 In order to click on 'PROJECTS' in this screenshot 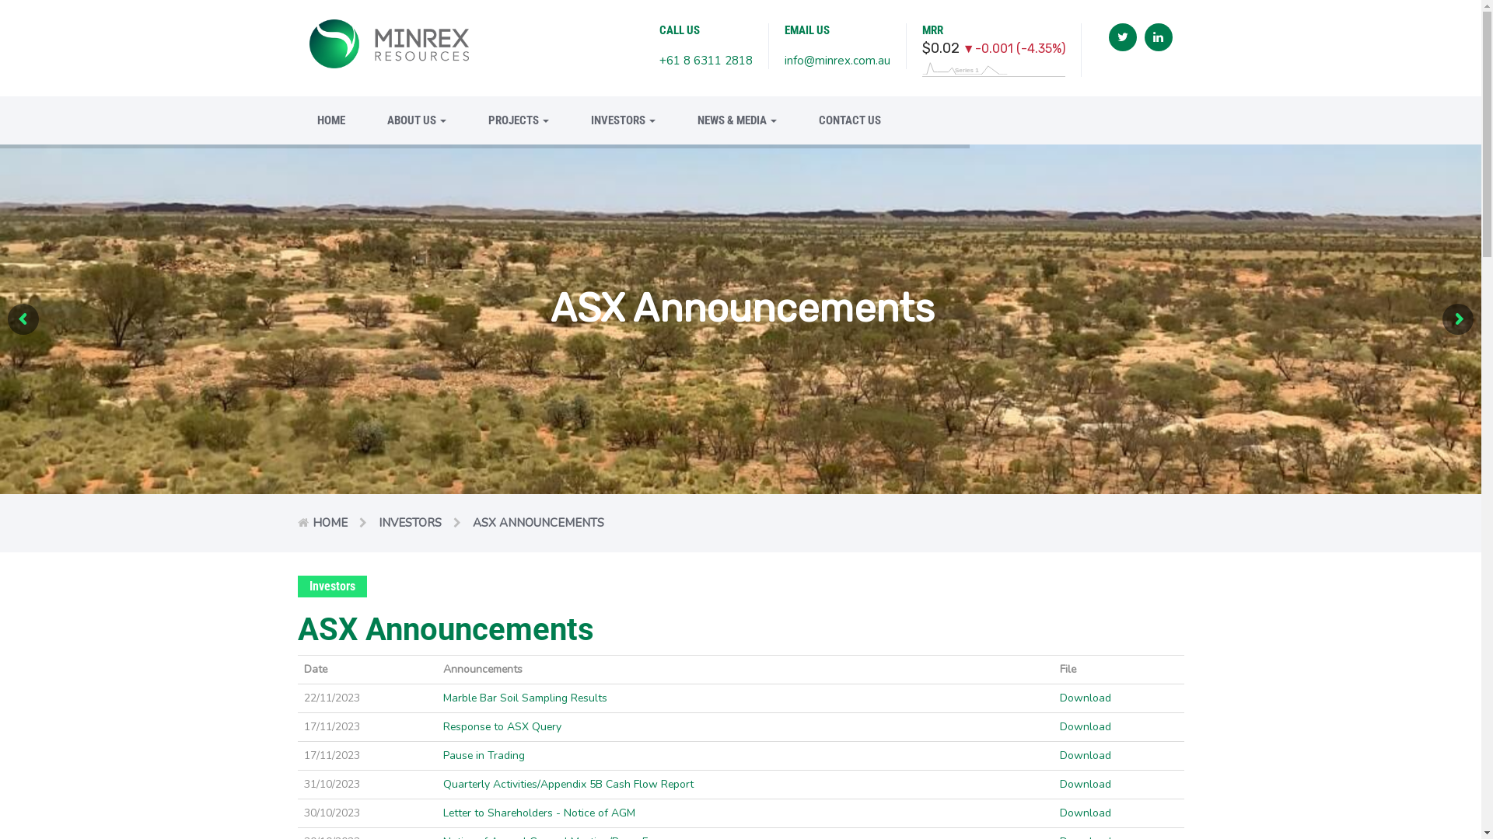, I will do `click(467, 119)`.